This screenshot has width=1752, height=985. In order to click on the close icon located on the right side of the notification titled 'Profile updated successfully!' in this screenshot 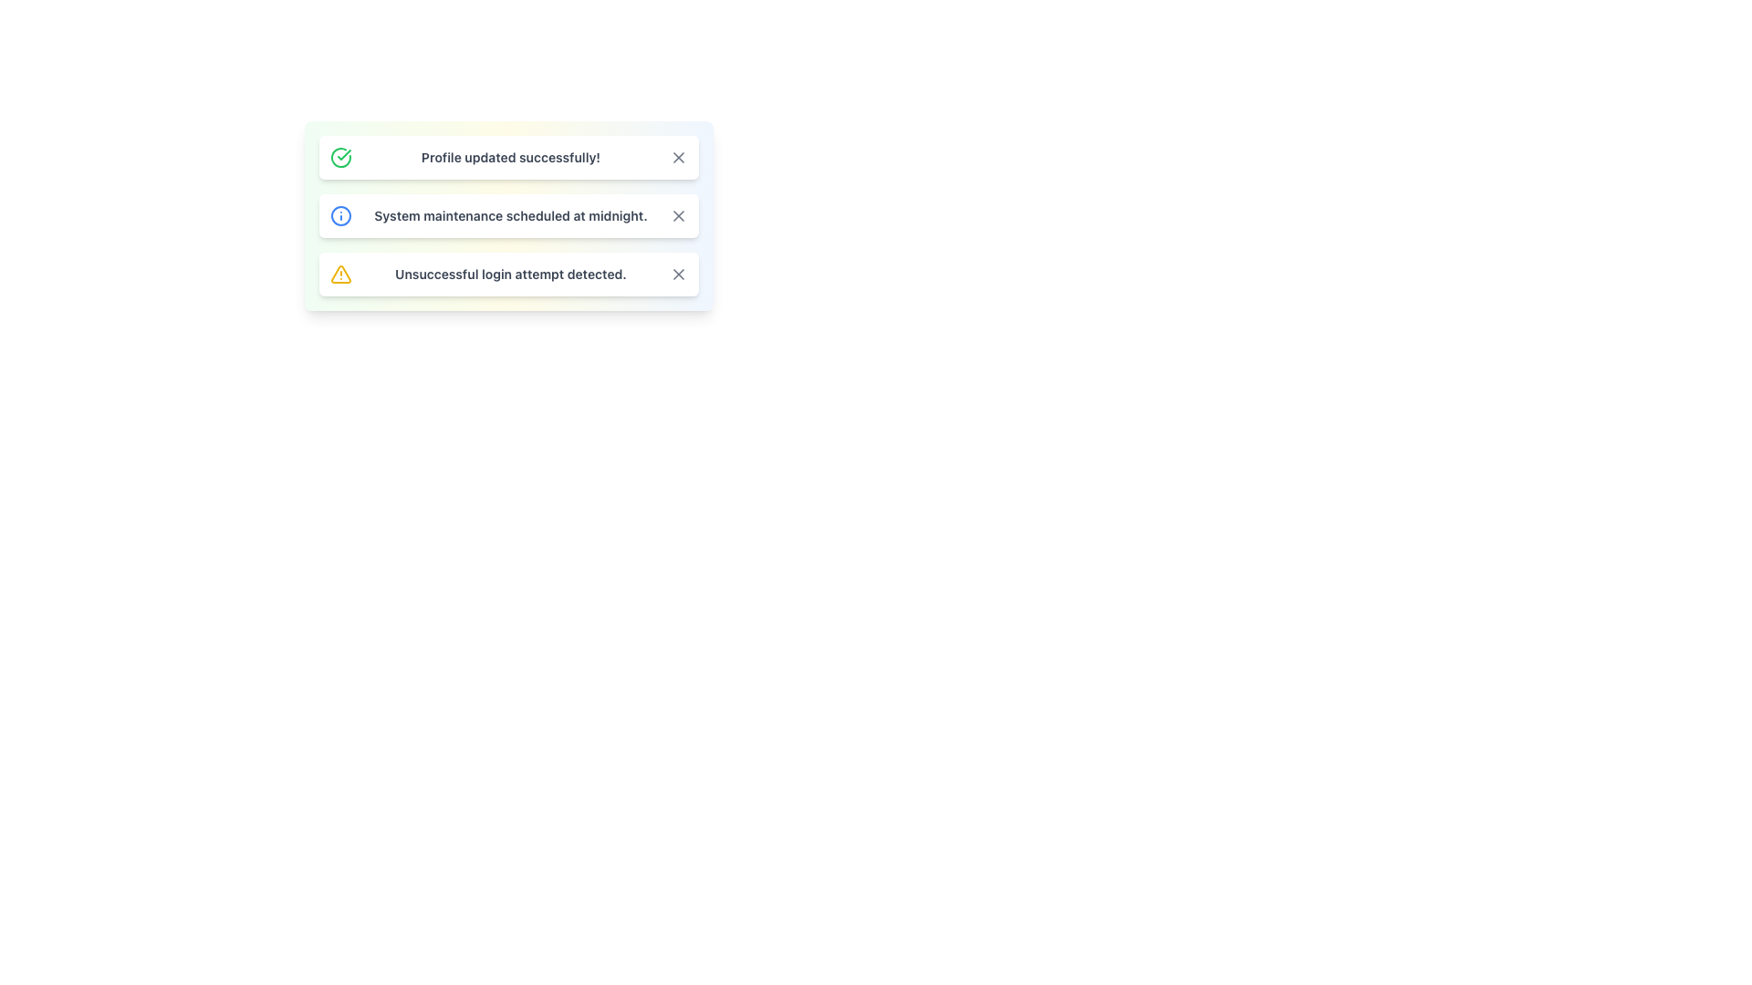, I will do `click(678, 157)`.